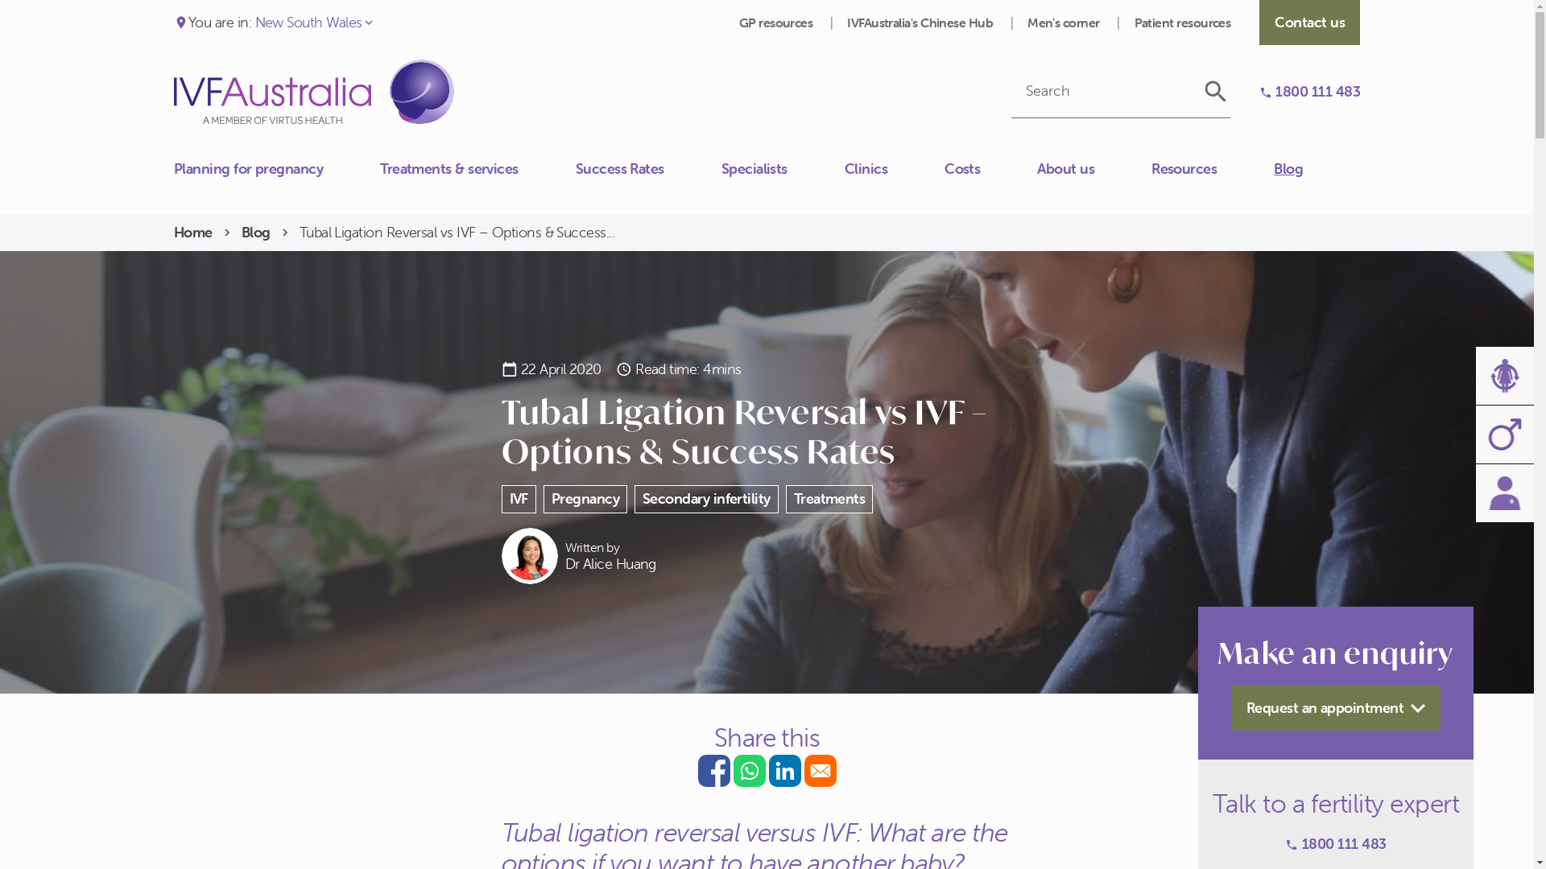 The width and height of the screenshot is (1546, 869). Describe the element at coordinates (1093, 168) in the screenshot. I see `'About us'` at that location.